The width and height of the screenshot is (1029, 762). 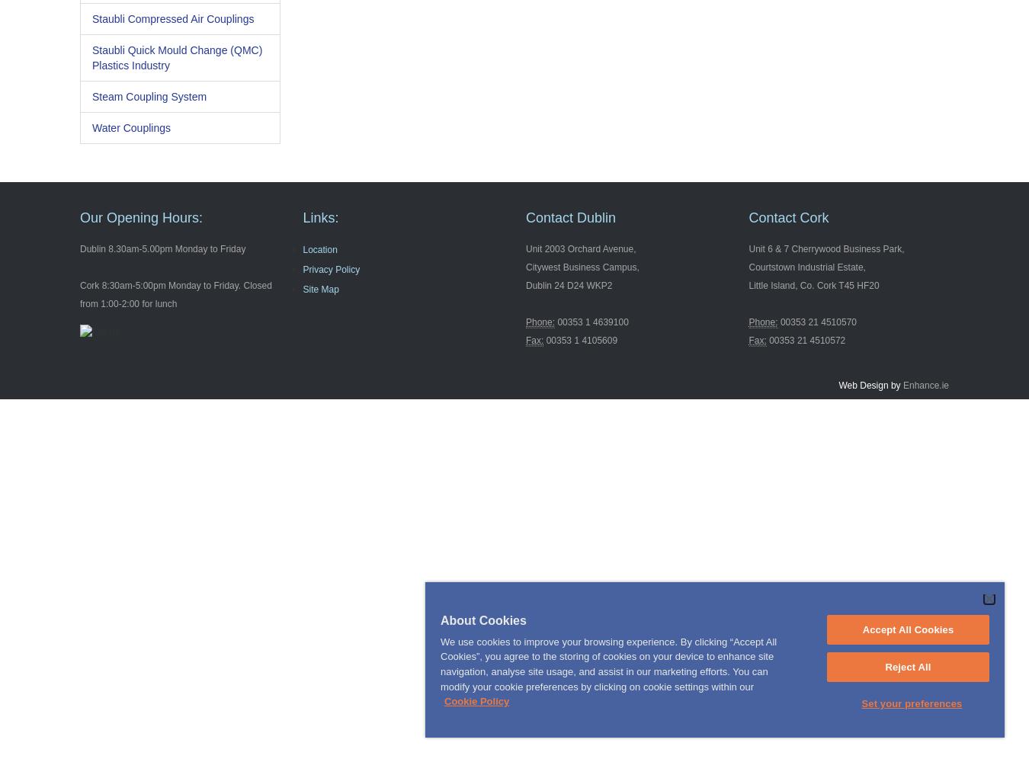 I want to click on 'Unit 6 & 7 Cherrywood Business Park,', so click(x=826, y=248).